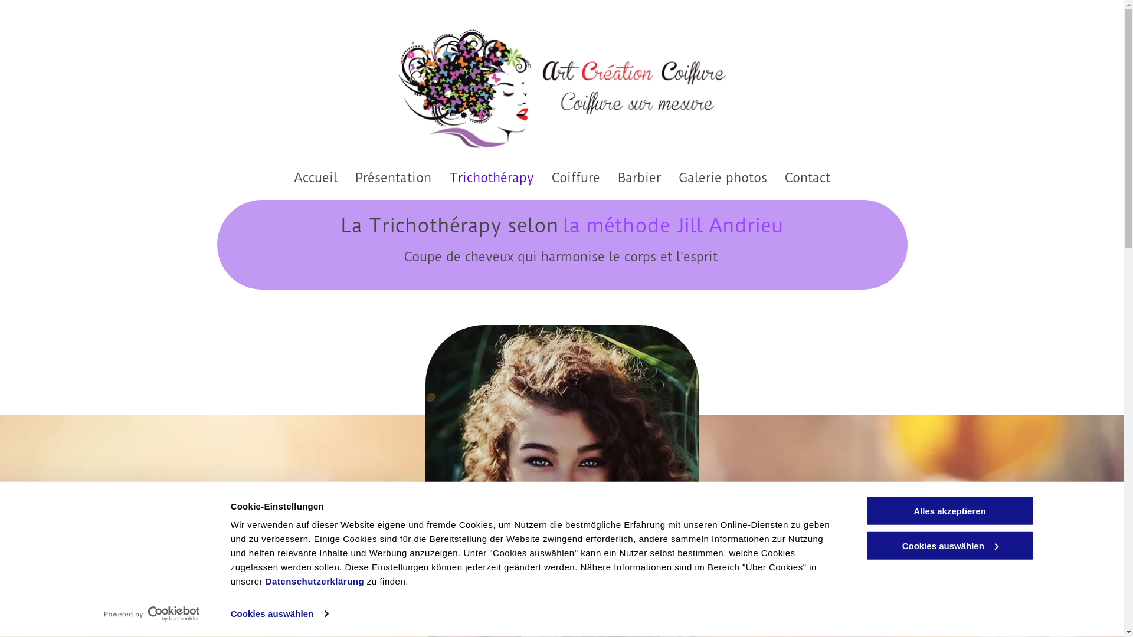 This screenshot has height=637, width=1133. I want to click on 'Galerie photos', so click(722, 178).